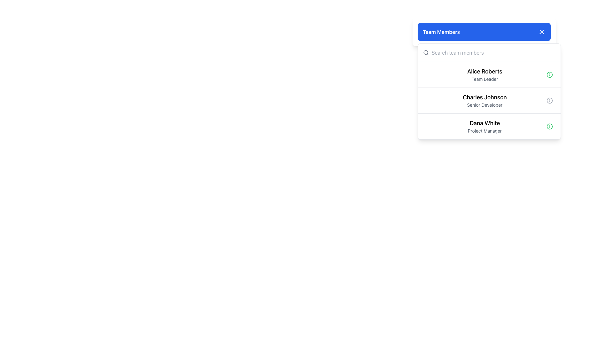 This screenshot has width=614, height=345. I want to click on the close button, which is represented by a diagonal cross line styled as part of an 'x' icon located in the top-right corner of the 'Team Members' blue header bar, so click(541, 32).